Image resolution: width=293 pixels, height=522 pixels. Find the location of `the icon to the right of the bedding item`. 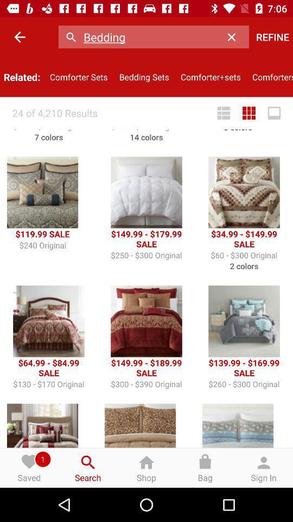

the icon to the right of the bedding item is located at coordinates (234, 37).